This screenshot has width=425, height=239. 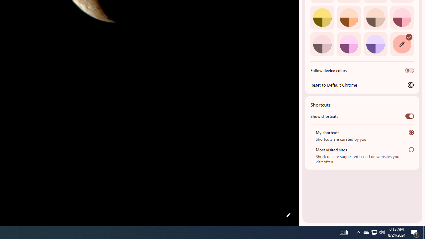 I want to click on 'Rose', so click(x=401, y=17).